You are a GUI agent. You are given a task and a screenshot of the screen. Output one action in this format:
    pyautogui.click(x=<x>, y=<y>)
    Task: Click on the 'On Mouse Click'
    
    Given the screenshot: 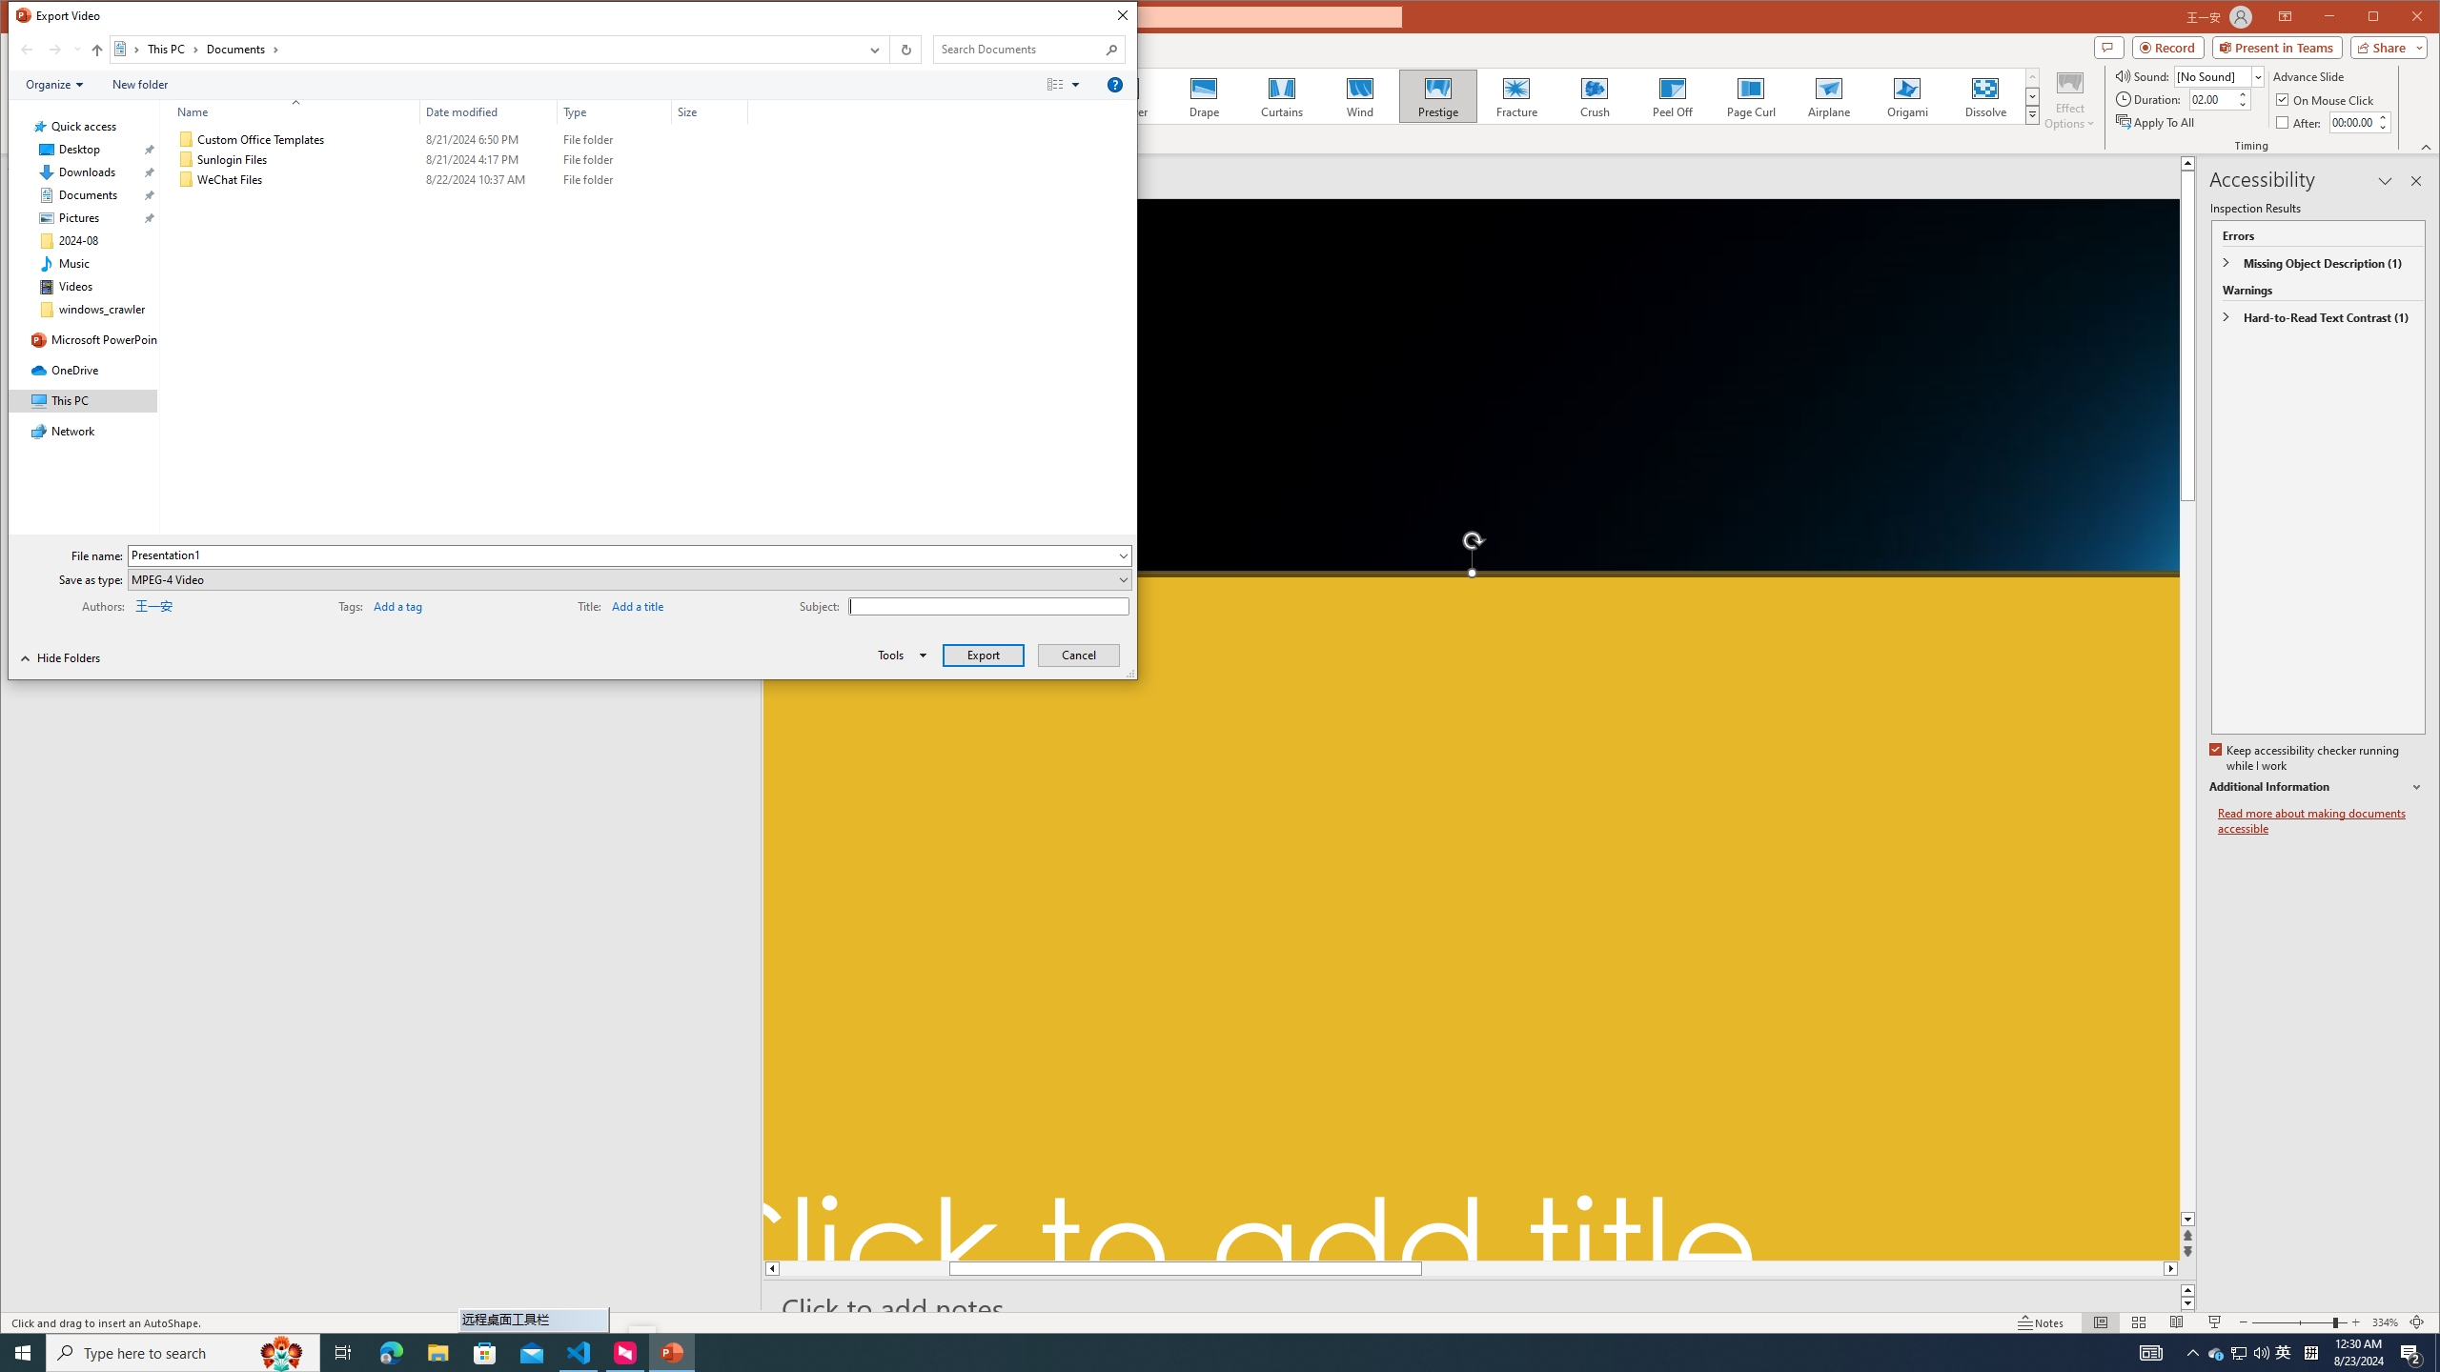 What is the action you would take?
    pyautogui.click(x=2211, y=98)
    